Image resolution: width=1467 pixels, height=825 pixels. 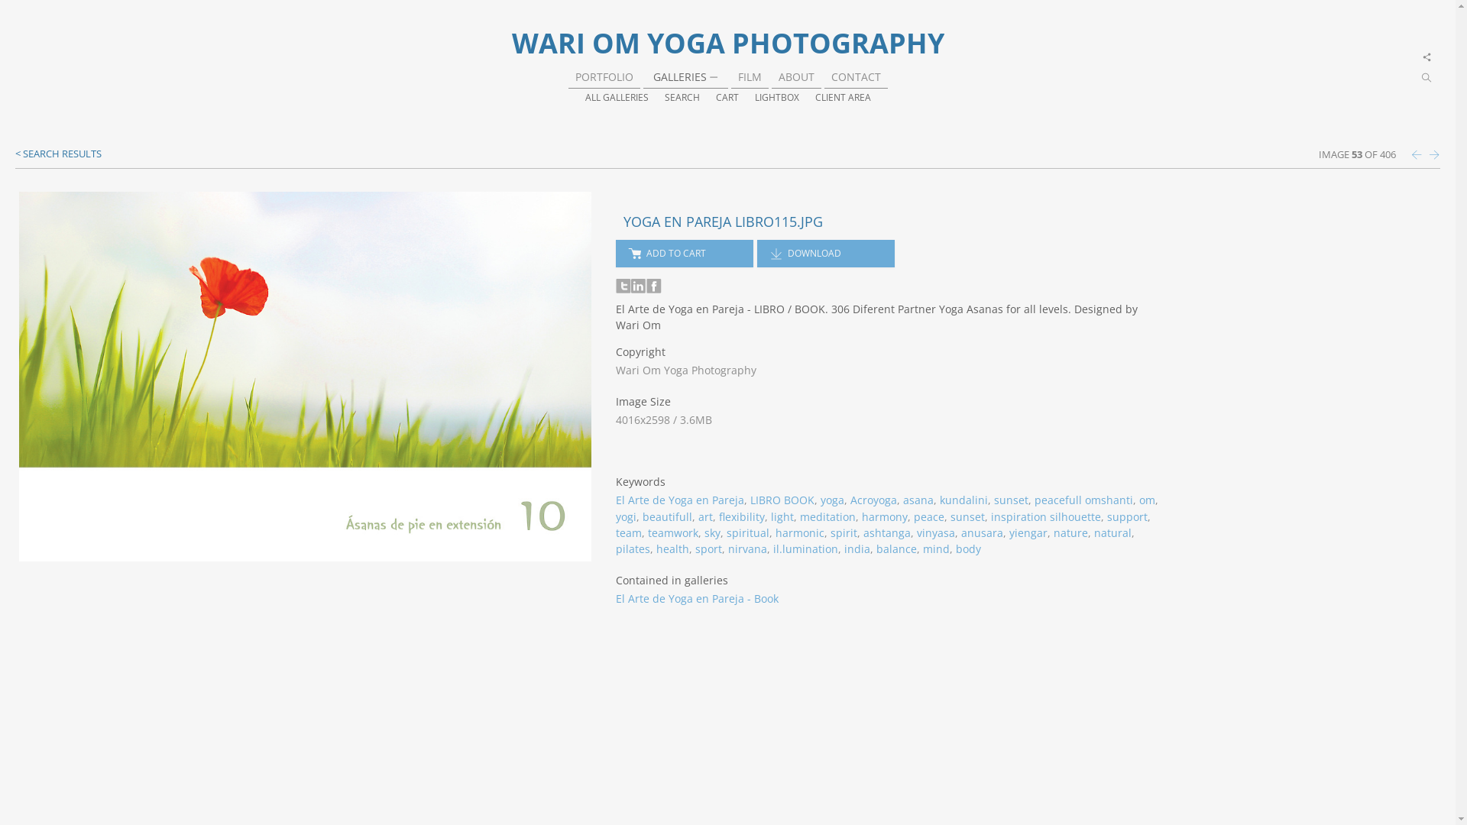 What do you see at coordinates (782, 500) in the screenshot?
I see `'LIBRO BOOK'` at bounding box center [782, 500].